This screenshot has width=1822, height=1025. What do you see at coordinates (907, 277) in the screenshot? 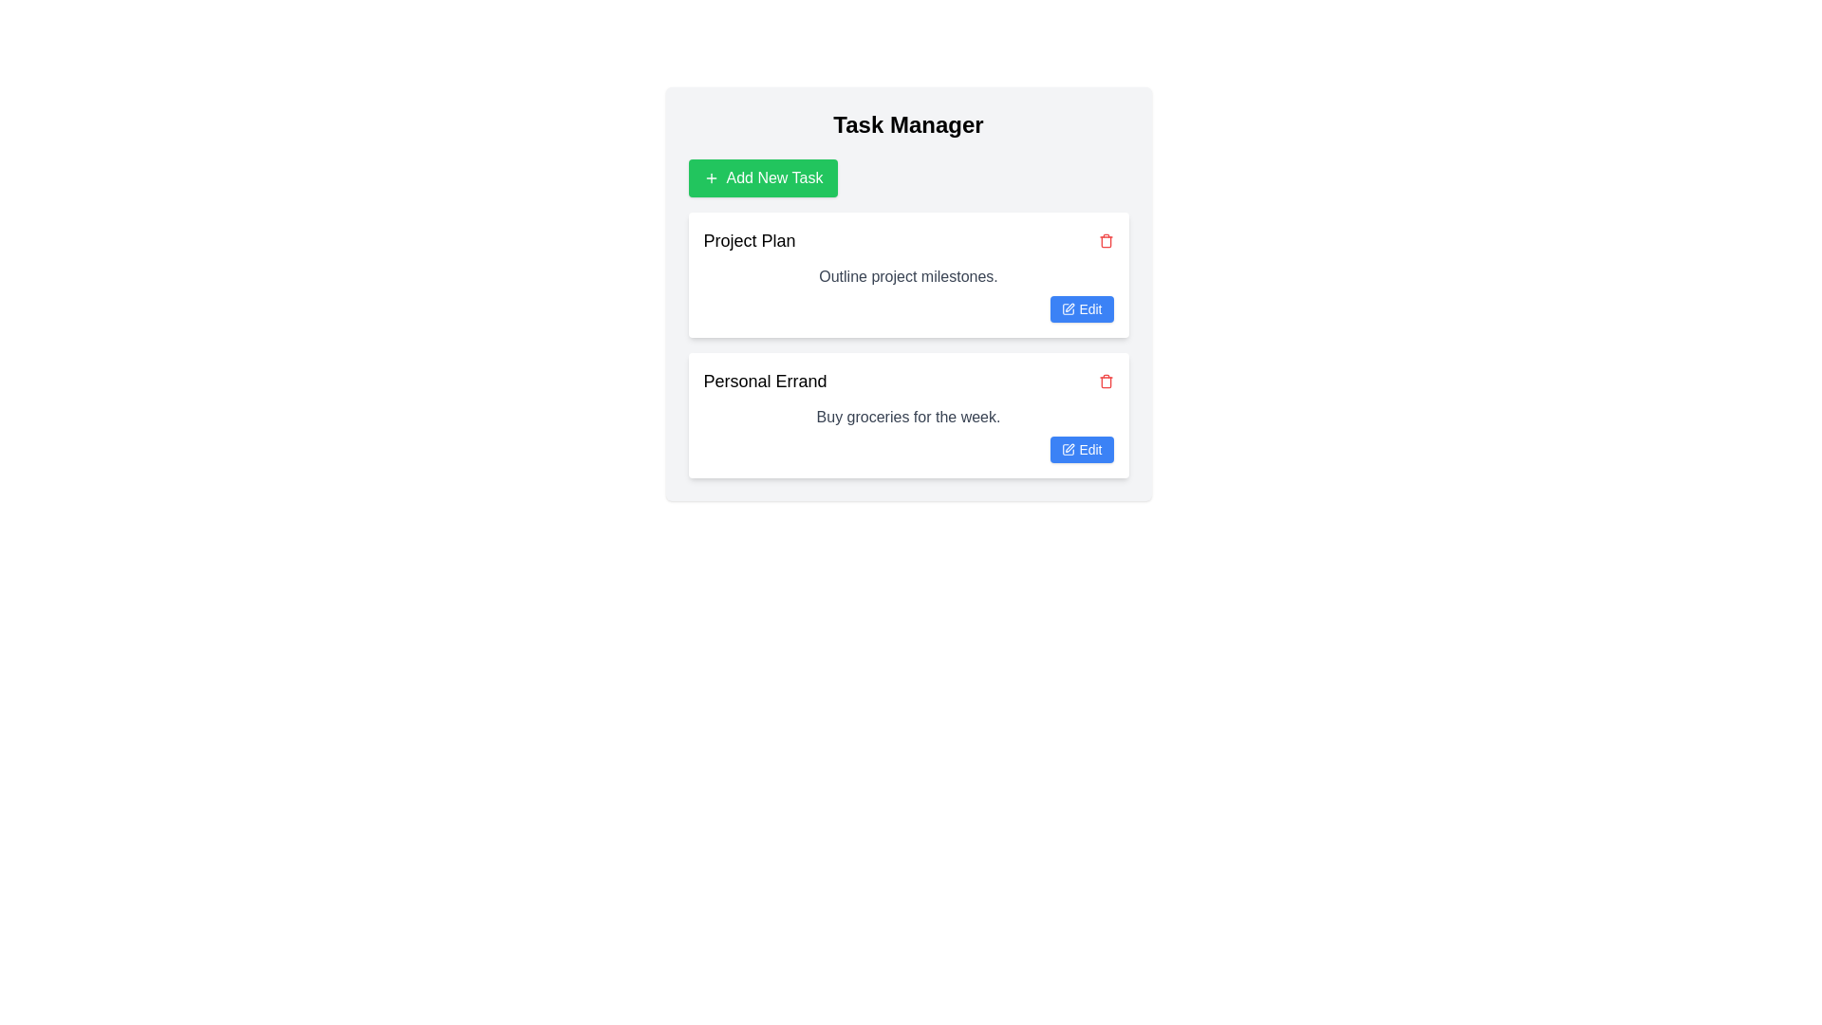
I see `the text label that provides an overview of the 'Project Plan' task, positioned below the title and above the 'Edit' button within the 'Project Plan' card` at bounding box center [907, 277].